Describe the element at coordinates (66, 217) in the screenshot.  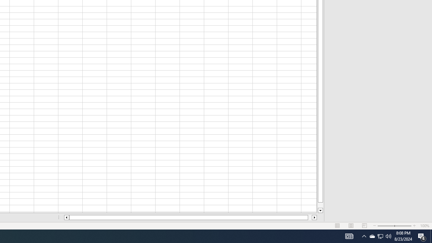
I see `'Column left'` at that location.